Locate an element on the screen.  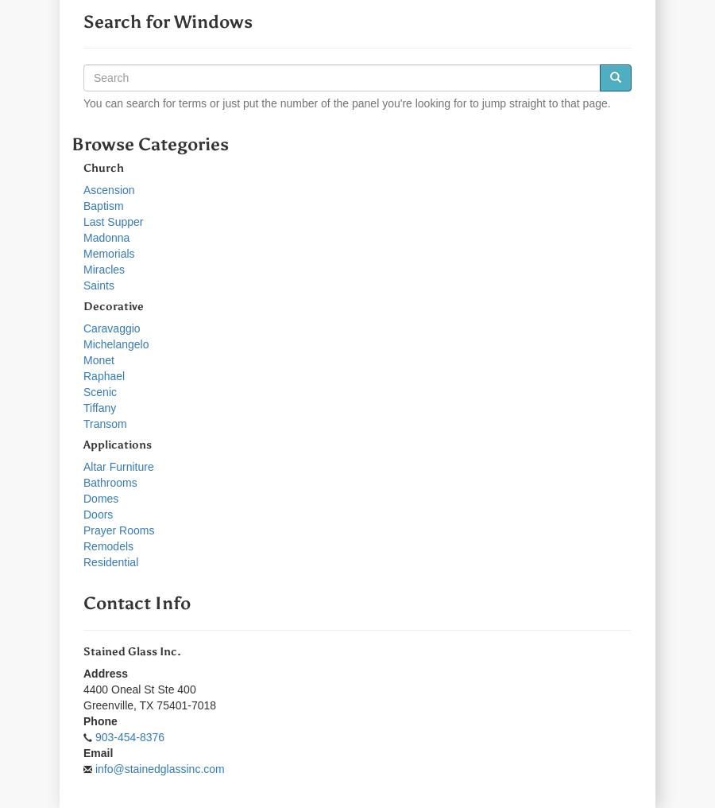
'Residential' is located at coordinates (83, 561).